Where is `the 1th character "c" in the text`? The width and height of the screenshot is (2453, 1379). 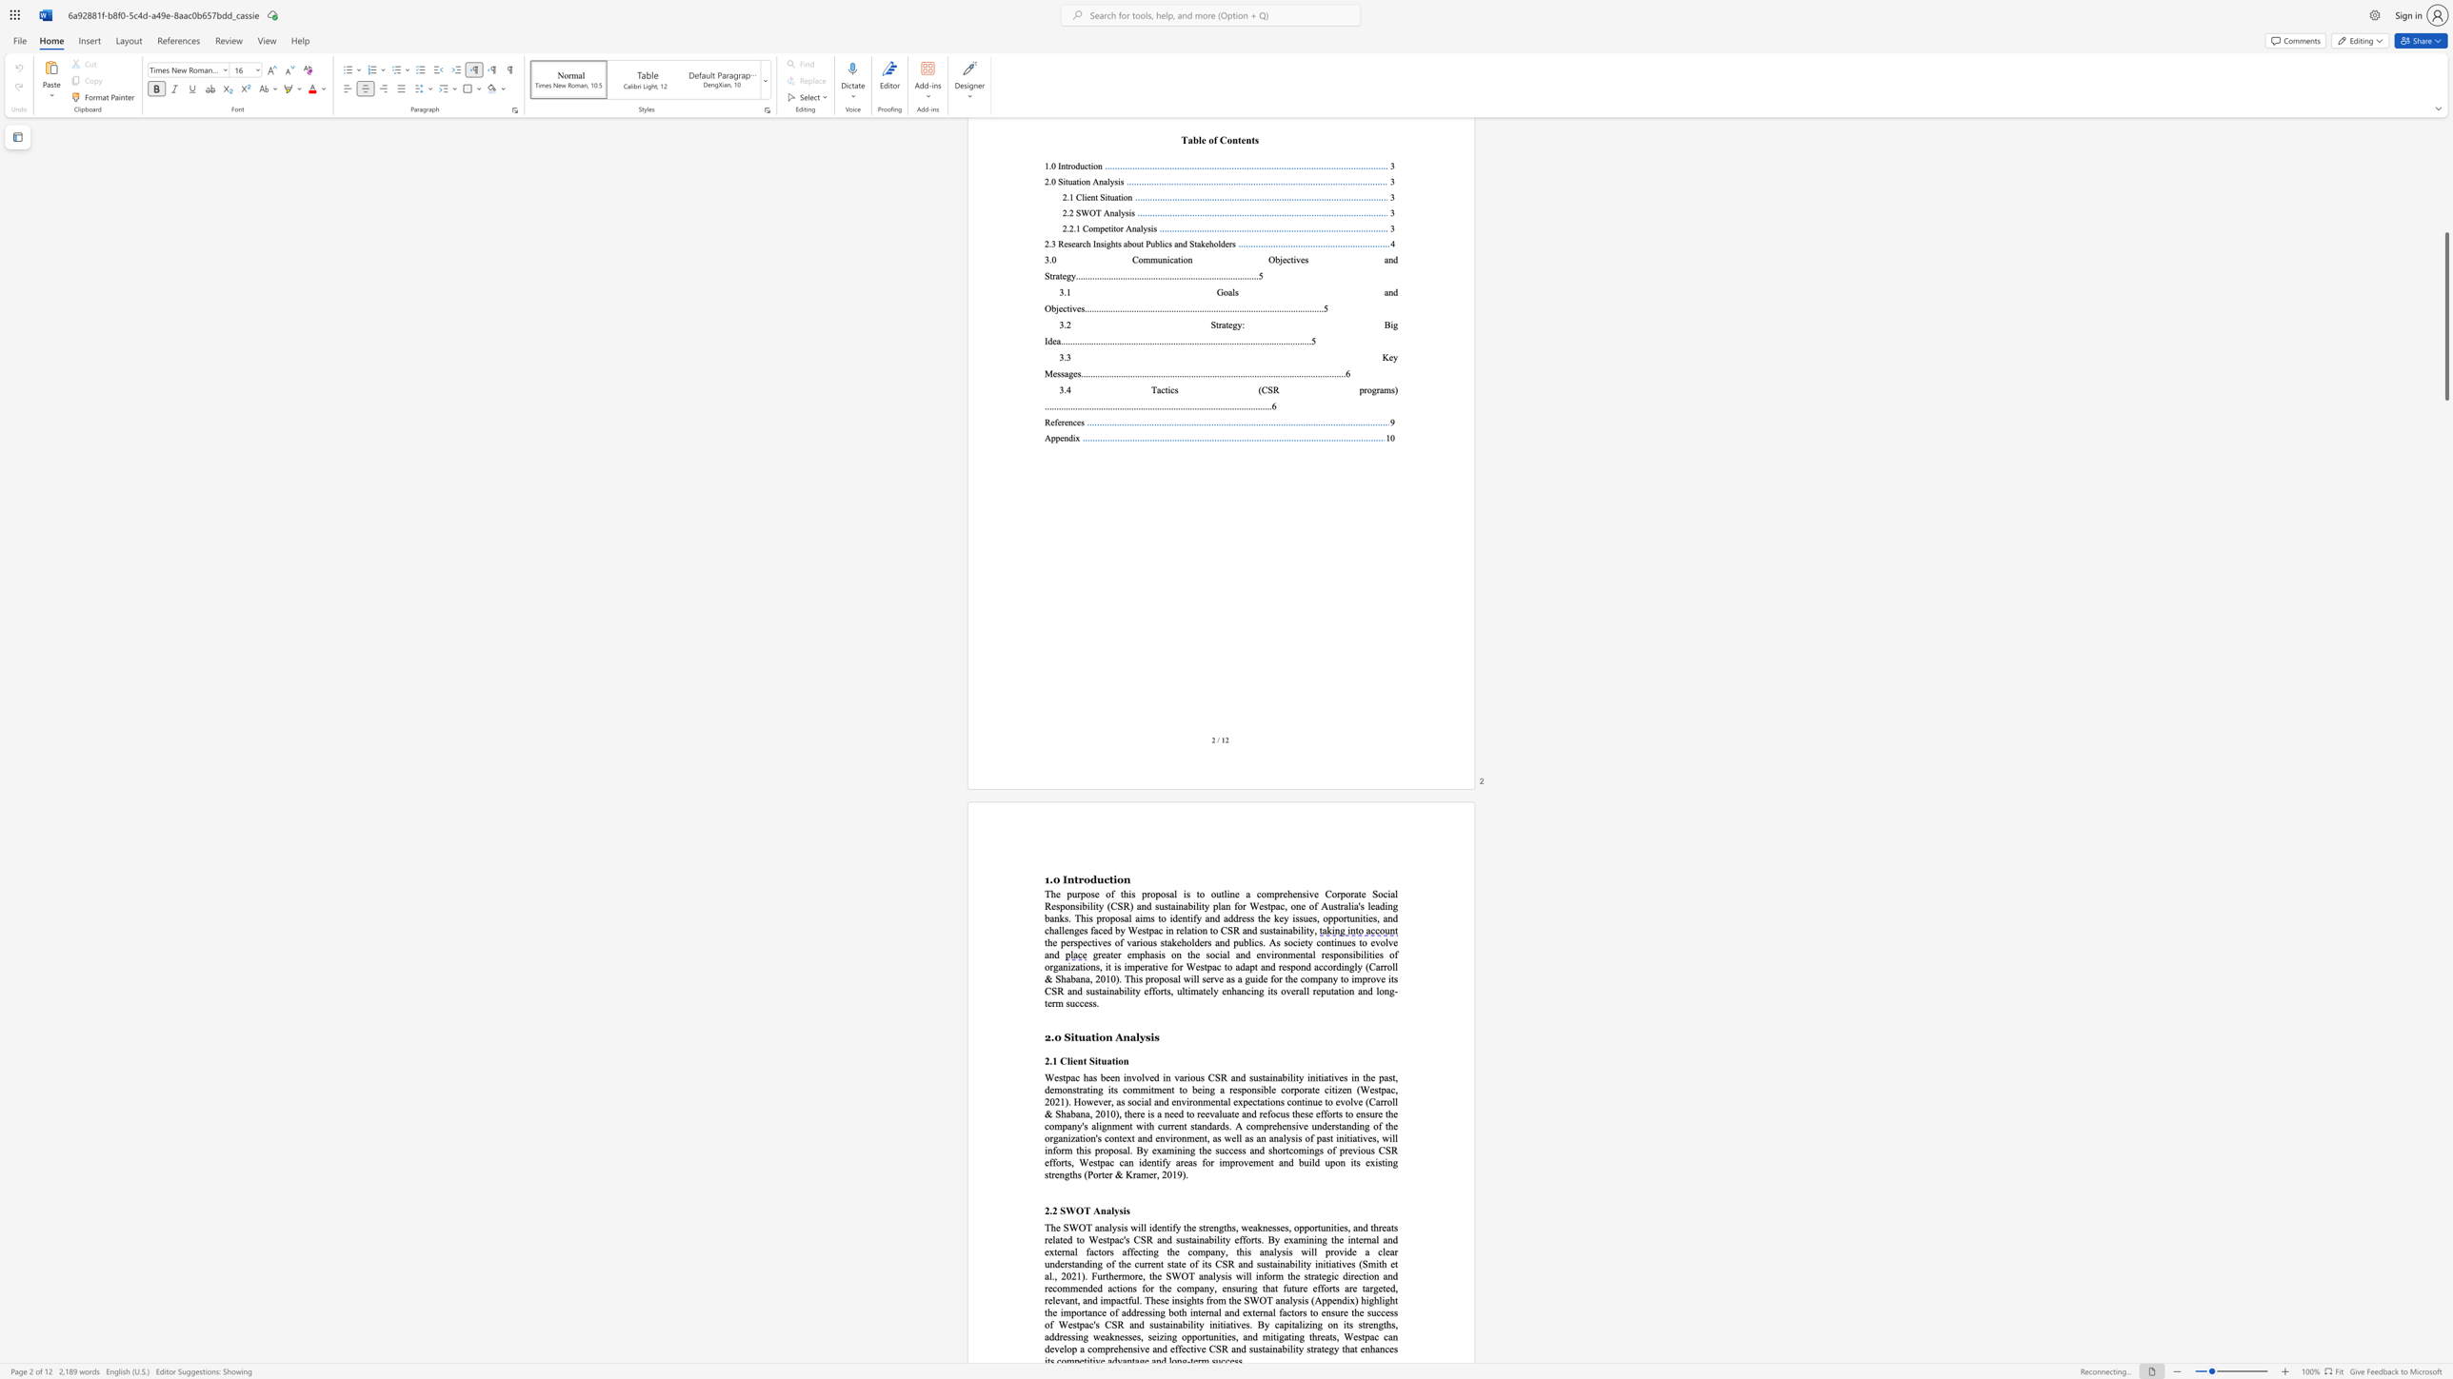 the 1th character "c" in the text is located at coordinates (1076, 1077).